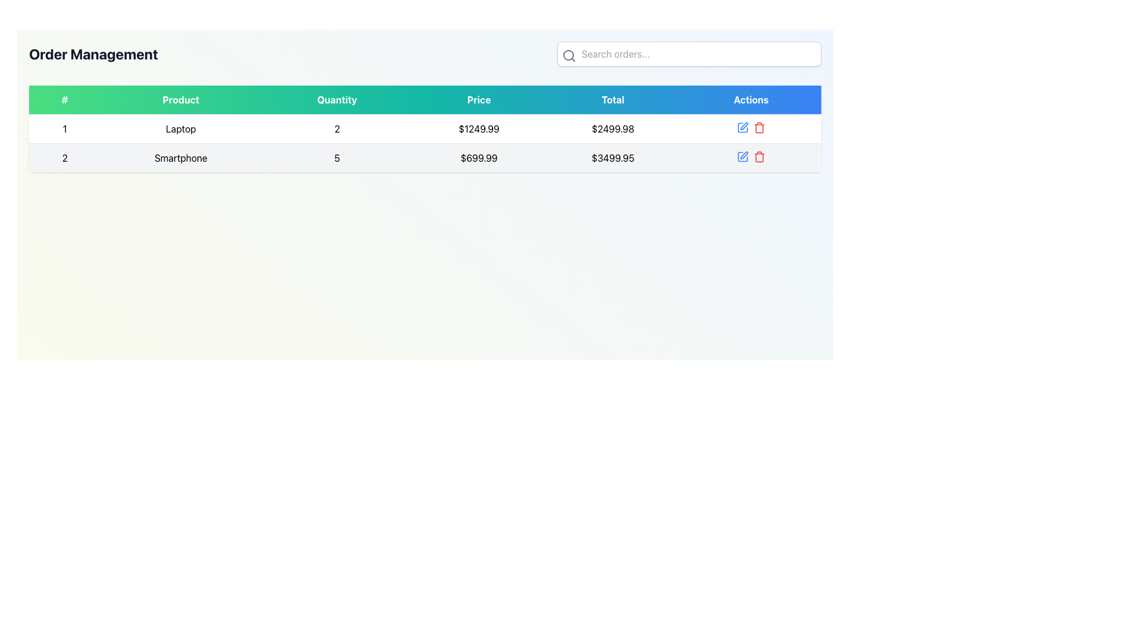 The width and height of the screenshot is (1142, 642). Describe the element at coordinates (336, 99) in the screenshot. I see `the 'Quantity' table column header, which is the third header in the top row of a table, displayed in bold white text on a green background, centrally aligned in its cell` at that location.